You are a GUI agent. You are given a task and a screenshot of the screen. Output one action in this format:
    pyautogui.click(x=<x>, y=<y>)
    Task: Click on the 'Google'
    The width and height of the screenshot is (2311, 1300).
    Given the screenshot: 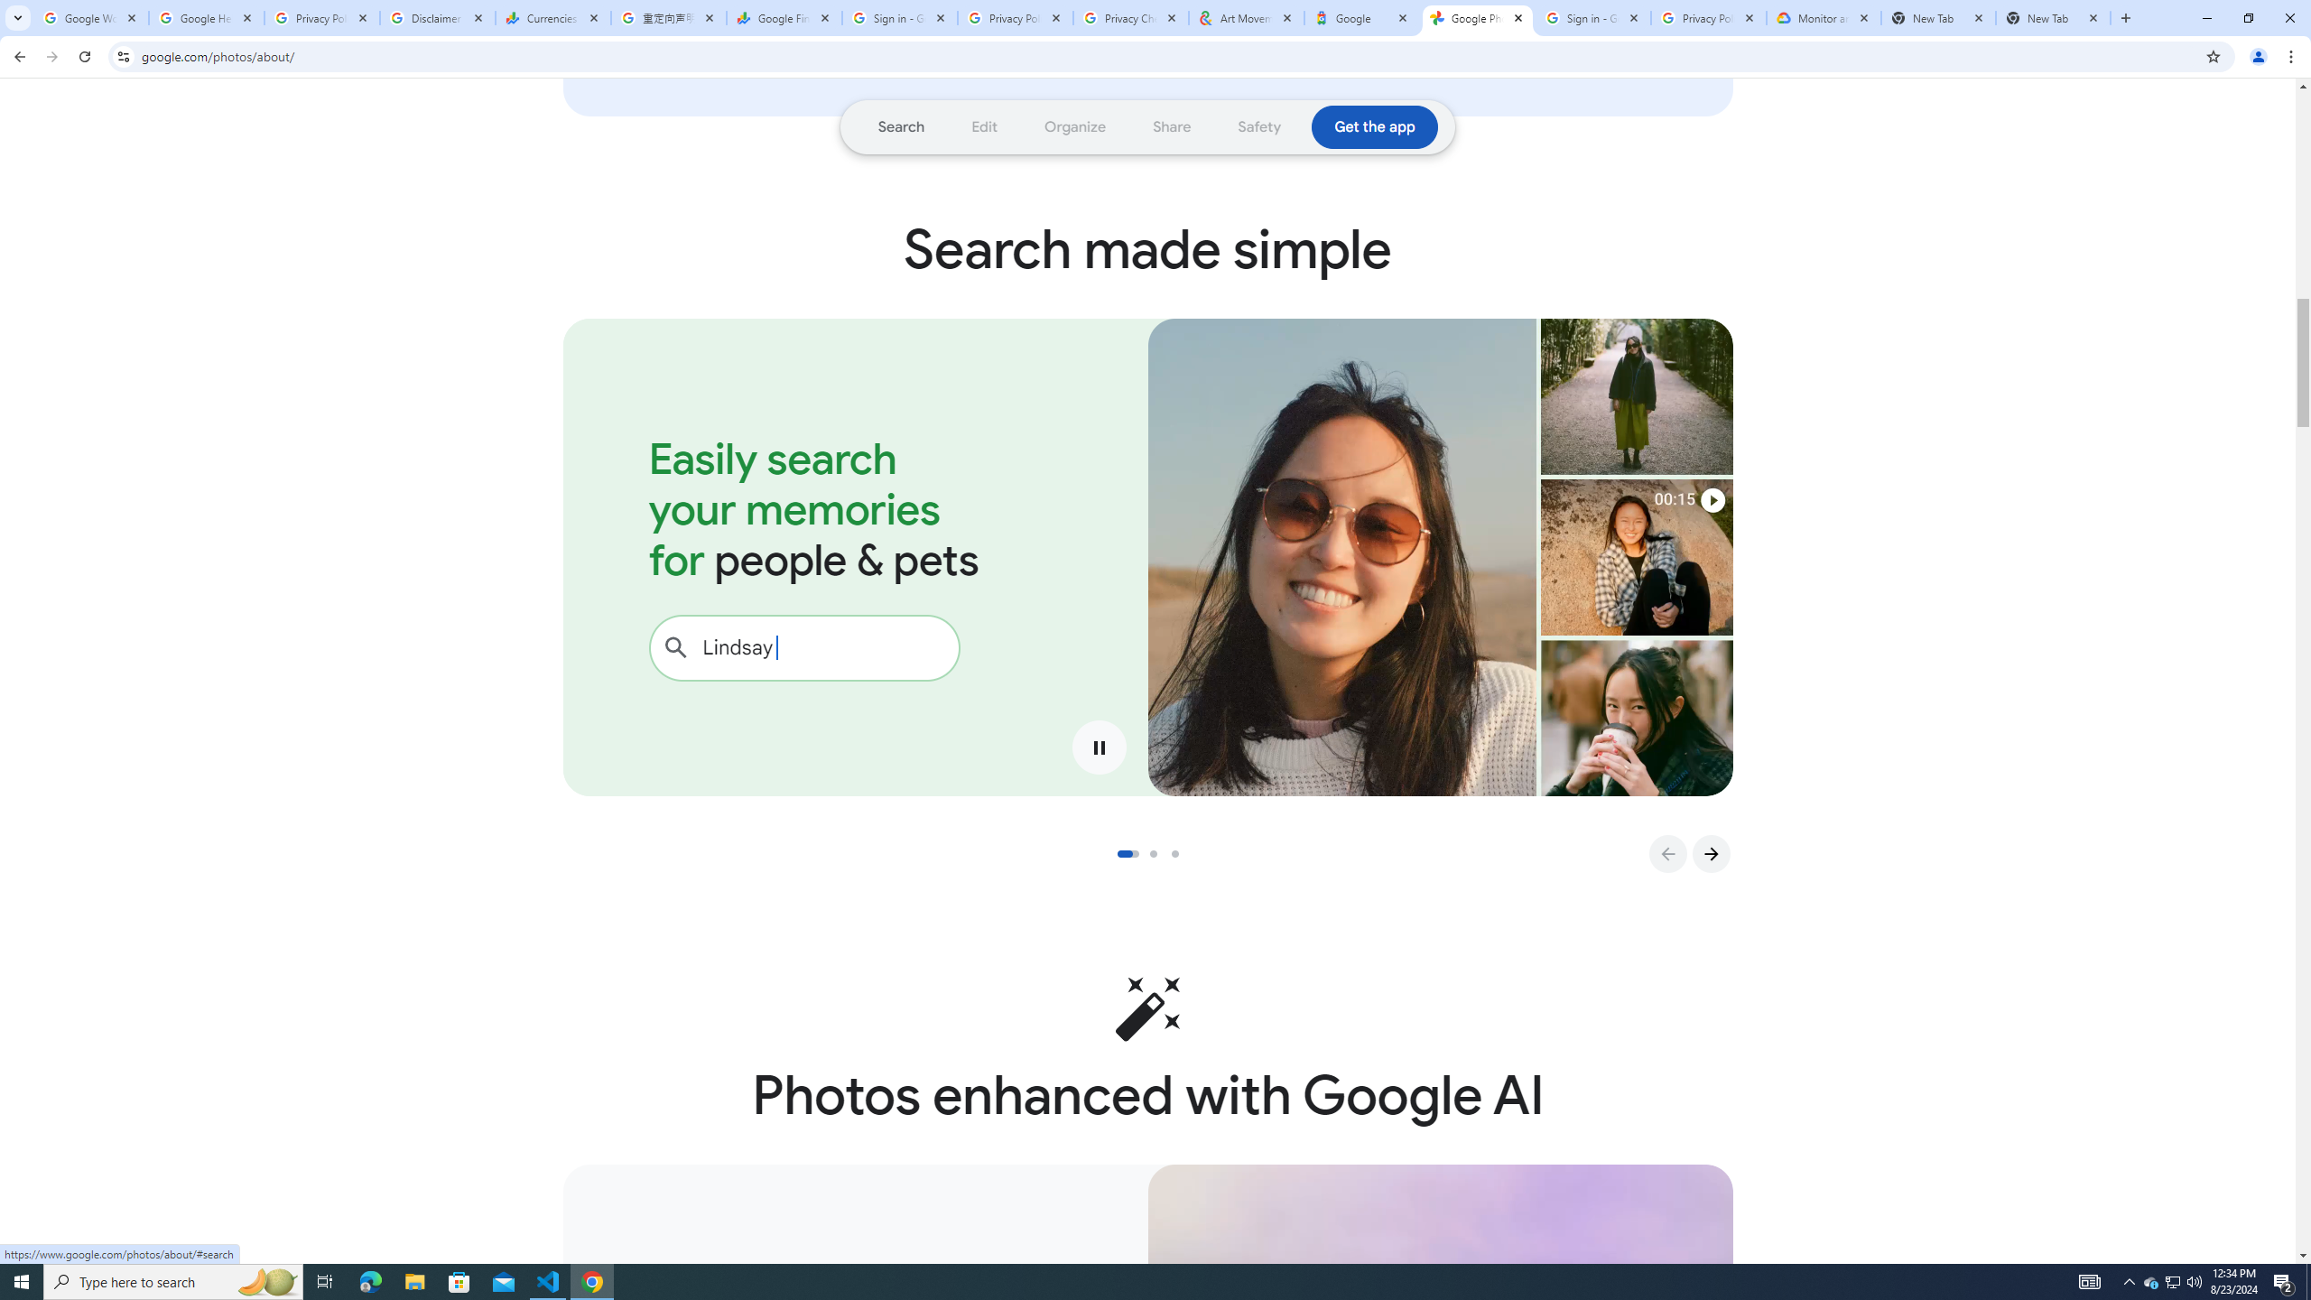 What is the action you would take?
    pyautogui.click(x=1361, y=17)
    